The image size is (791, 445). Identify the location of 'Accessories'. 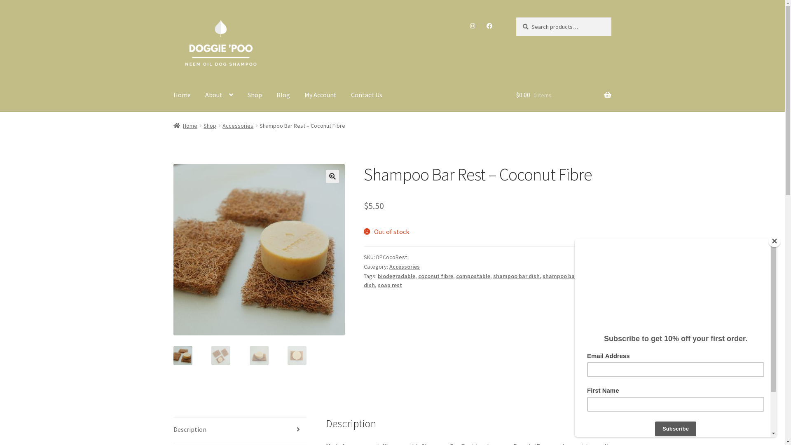
(405, 267).